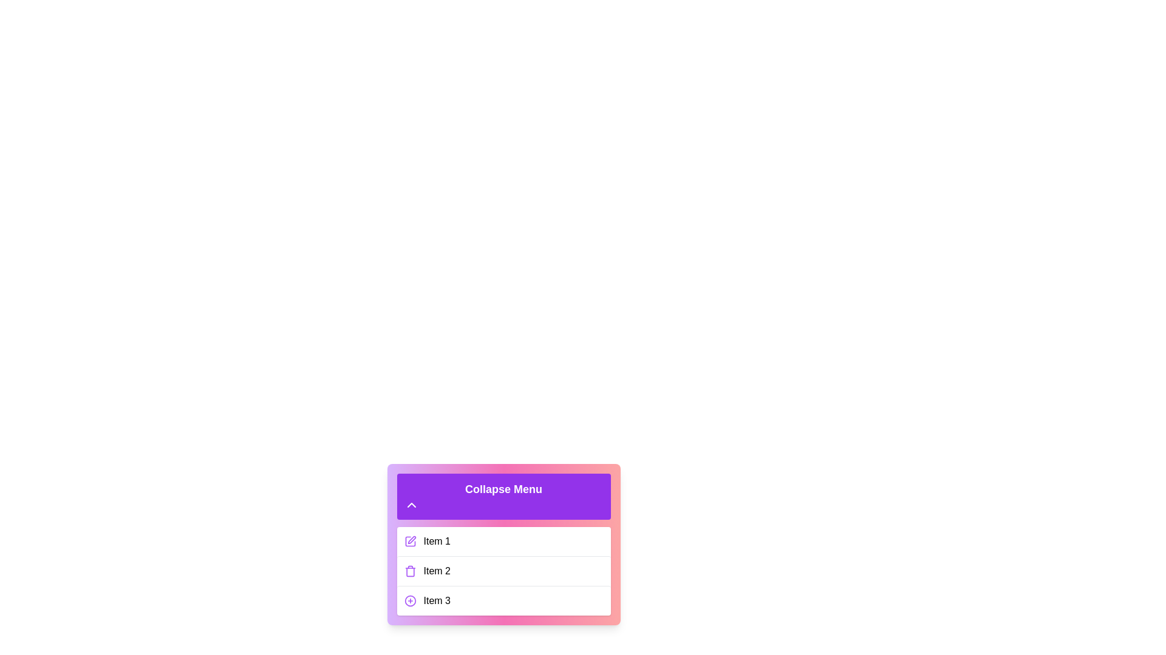  What do you see at coordinates (503, 600) in the screenshot?
I see `the menu item labeled Item 3` at bounding box center [503, 600].